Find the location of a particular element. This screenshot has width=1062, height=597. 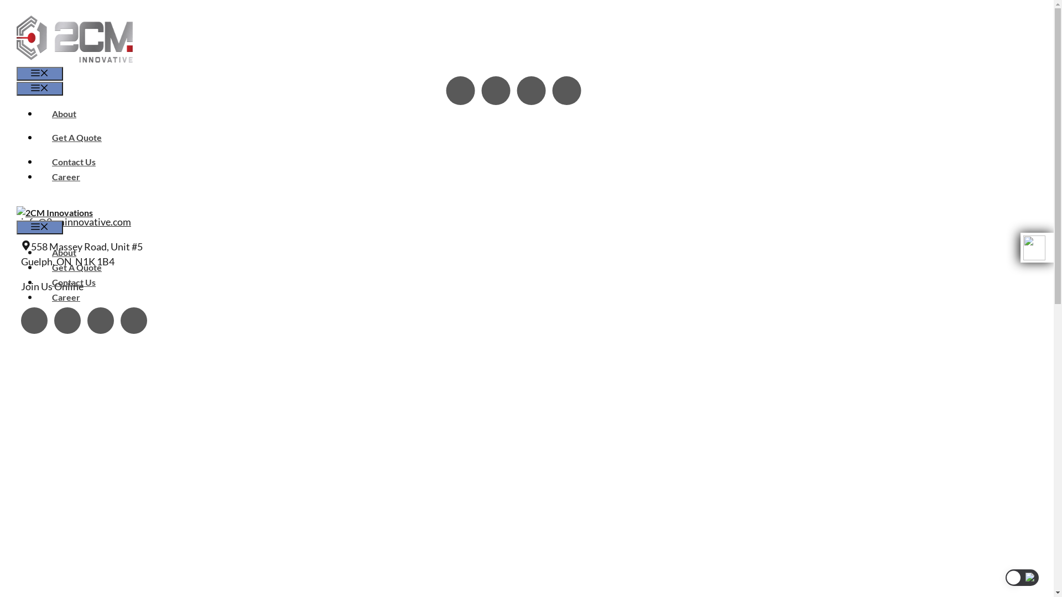

'info@2cminnovative.com' is located at coordinates (75, 222).